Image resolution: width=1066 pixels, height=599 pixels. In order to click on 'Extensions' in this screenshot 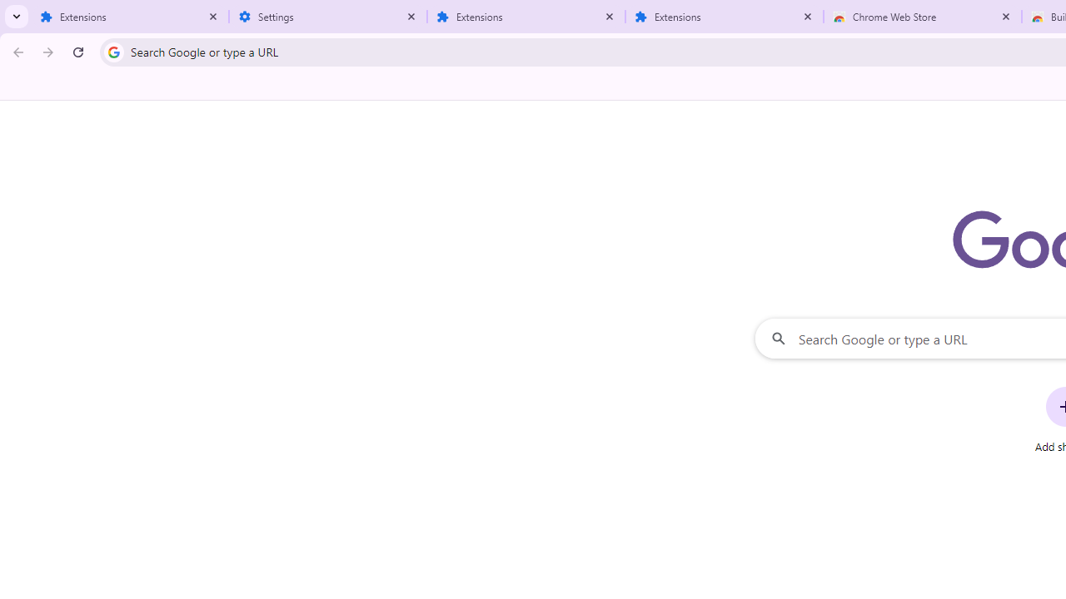, I will do `click(129, 17)`.